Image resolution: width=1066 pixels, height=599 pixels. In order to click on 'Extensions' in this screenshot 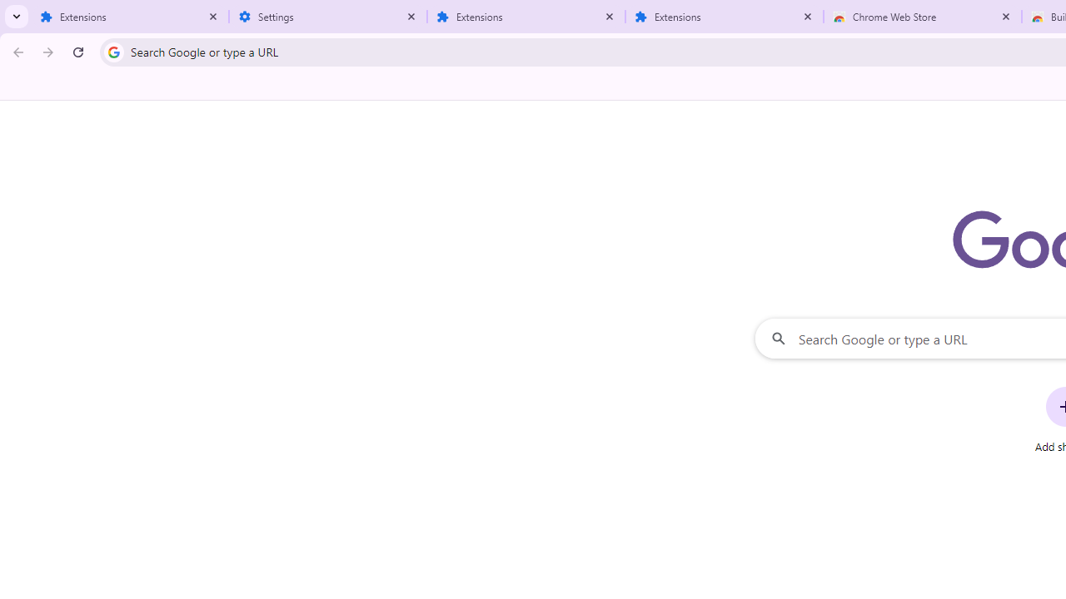, I will do `click(129, 17)`.